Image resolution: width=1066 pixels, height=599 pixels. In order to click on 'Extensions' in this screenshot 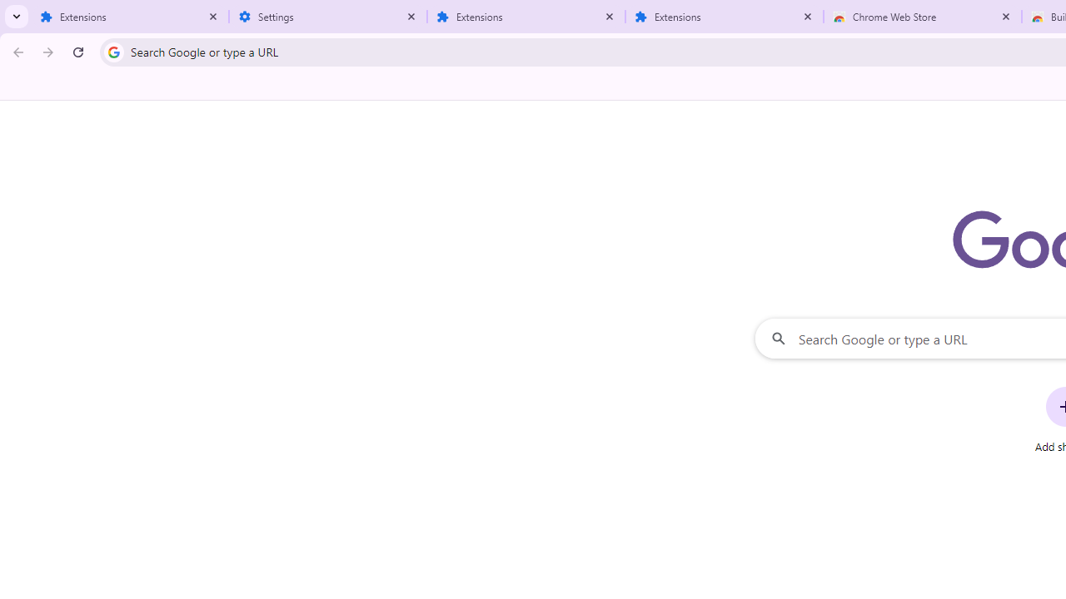, I will do `click(129, 17)`.